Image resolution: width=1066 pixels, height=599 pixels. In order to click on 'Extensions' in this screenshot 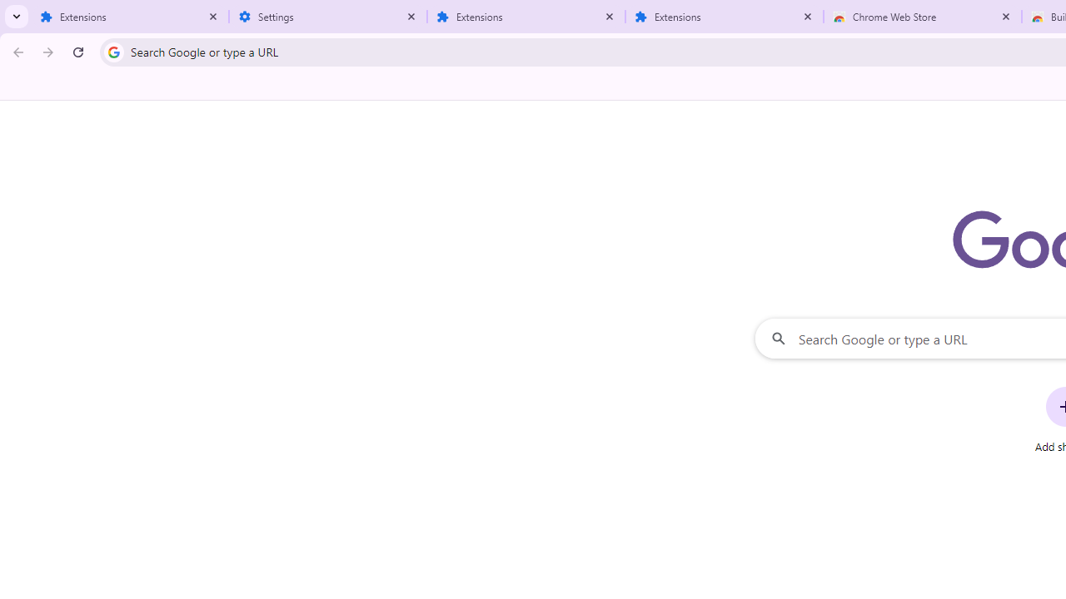, I will do `click(129, 17)`.